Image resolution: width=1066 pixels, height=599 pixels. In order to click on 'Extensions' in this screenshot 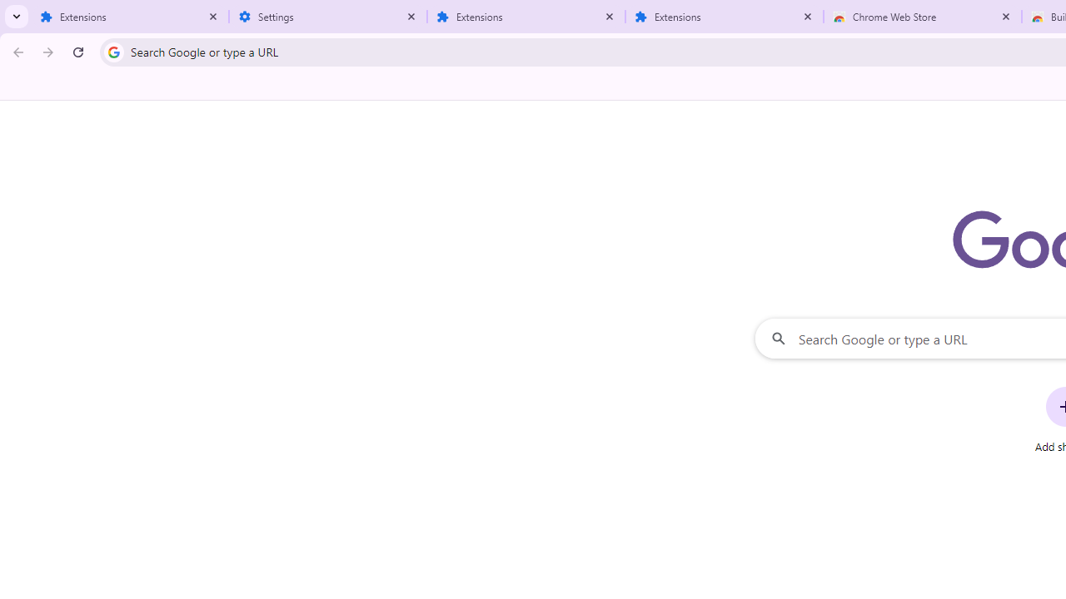, I will do `click(129, 17)`.